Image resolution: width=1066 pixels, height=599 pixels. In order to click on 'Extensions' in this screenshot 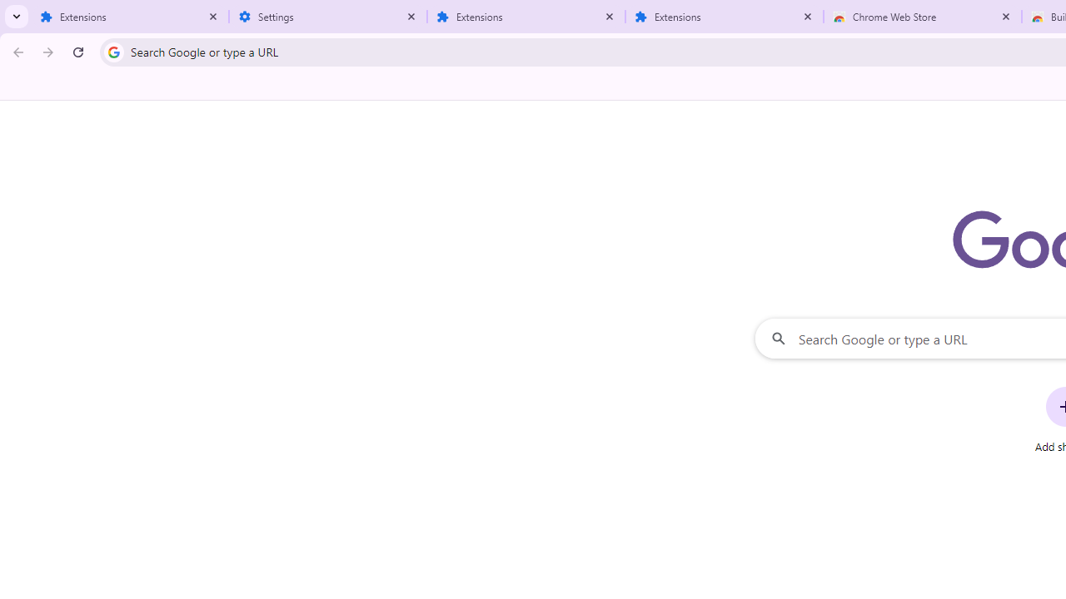, I will do `click(129, 17)`.